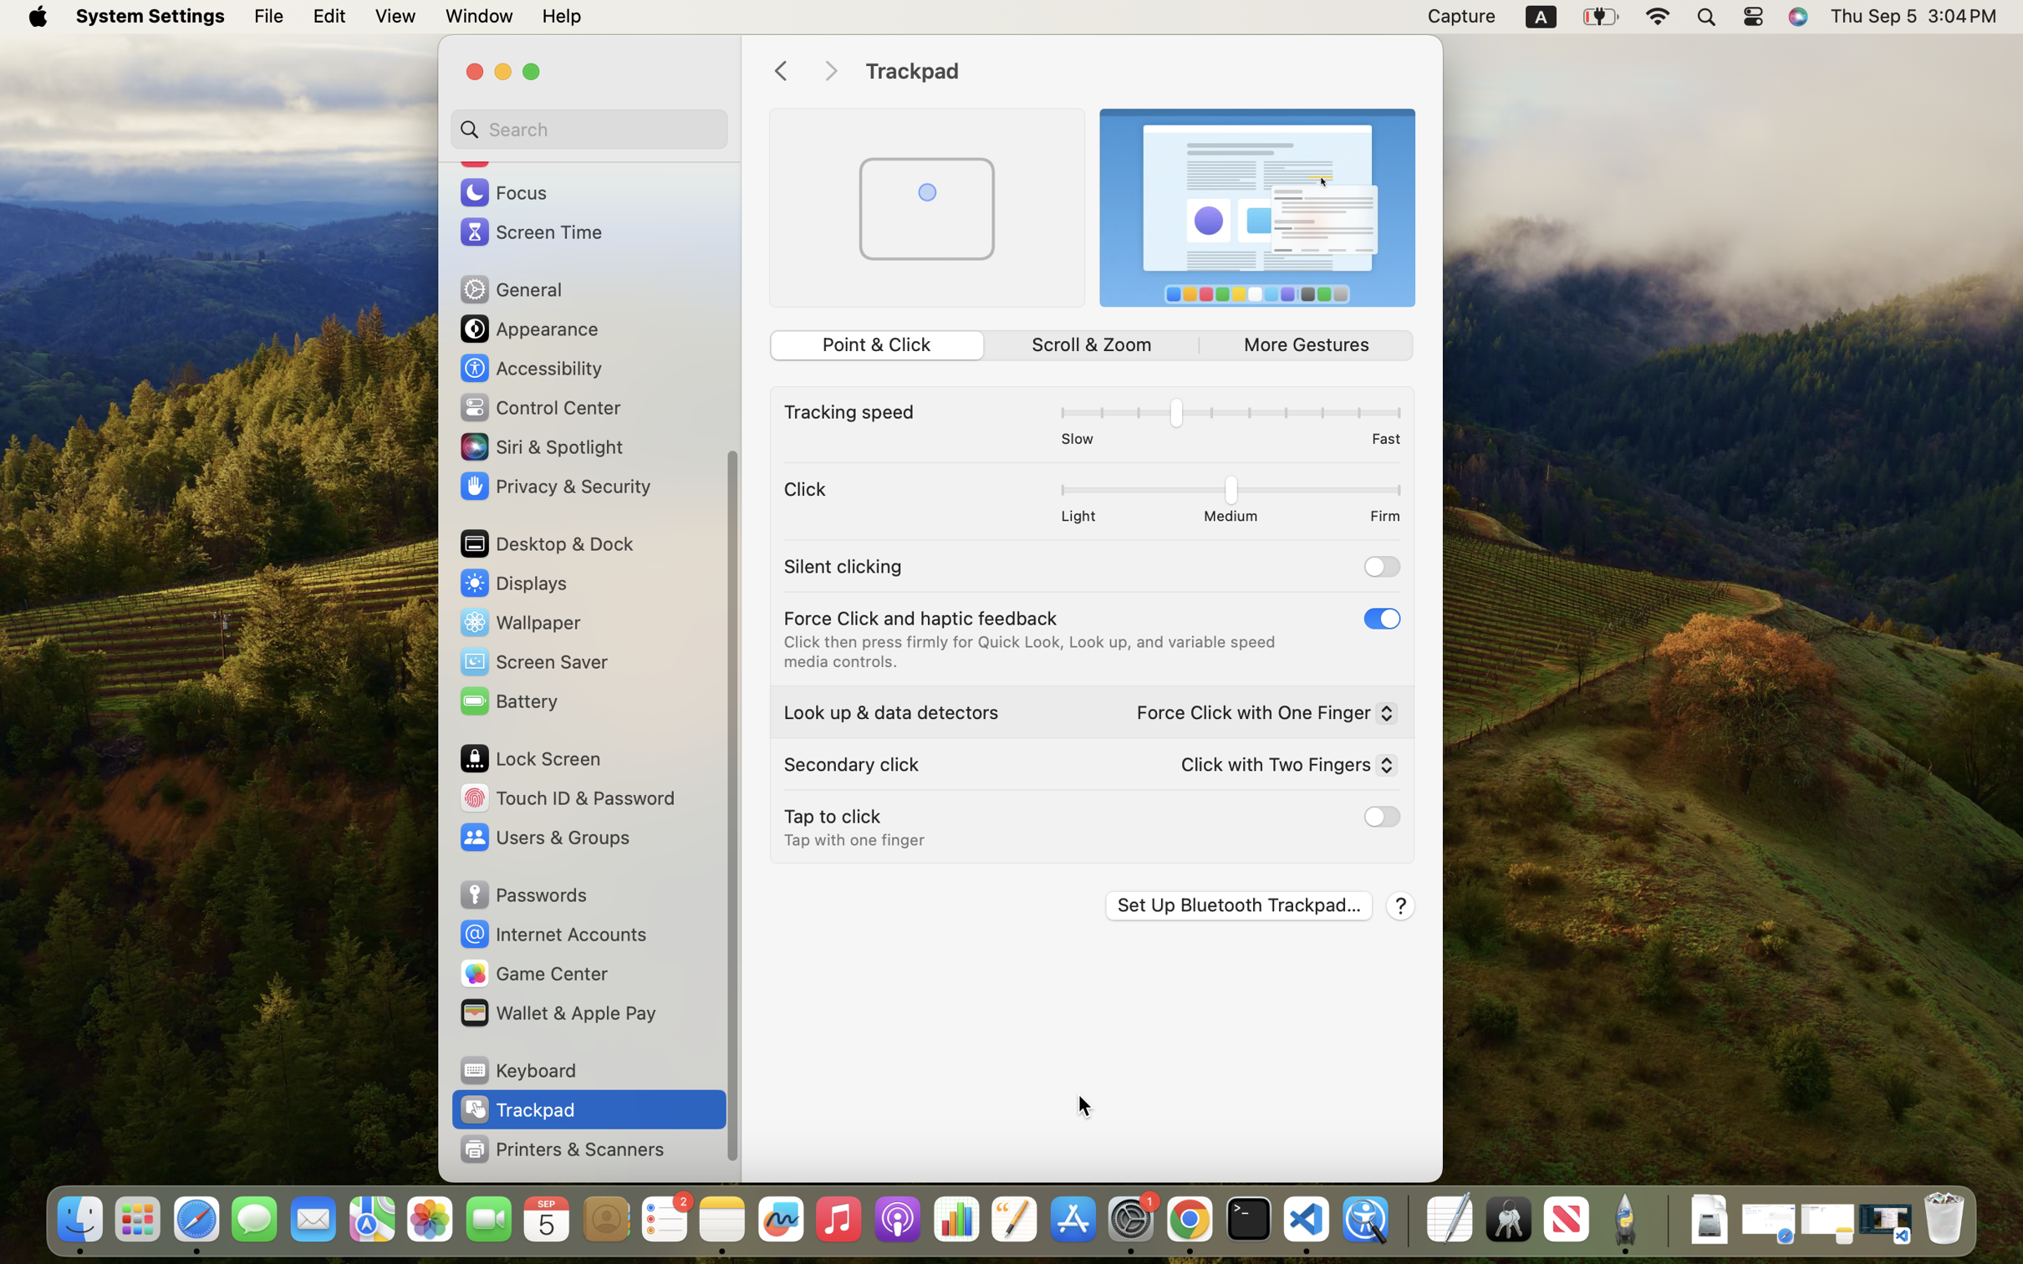 This screenshot has height=1264, width=2023. I want to click on 'Passwords', so click(521, 894).